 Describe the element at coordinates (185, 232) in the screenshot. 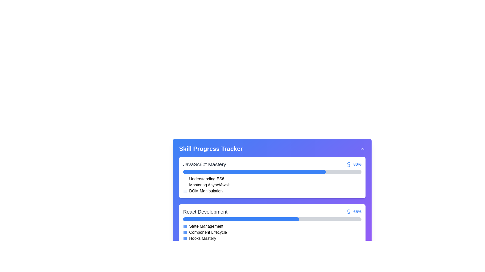

I see `the blue SVG icon representing 'Component Lifecycle' in the React Development section of the Skill Progress Tracker` at that location.